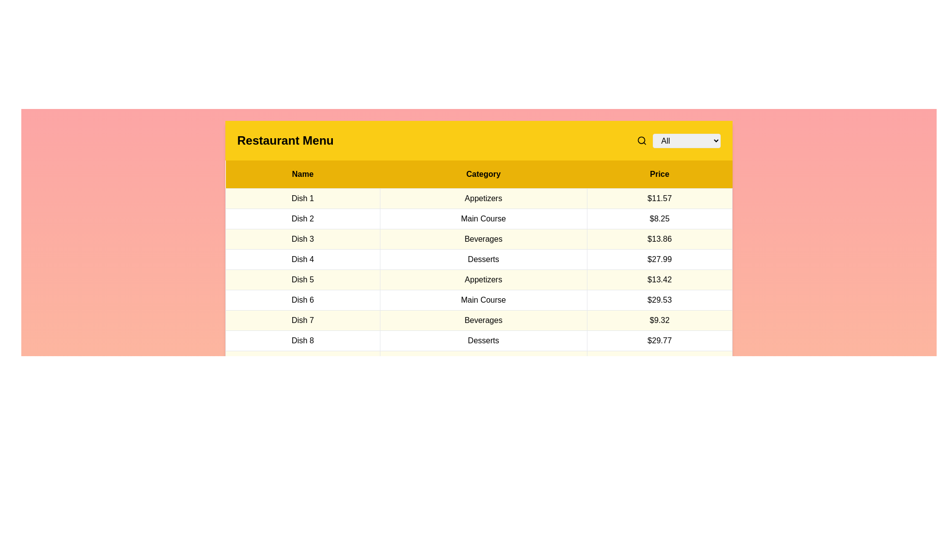  What do you see at coordinates (686, 141) in the screenshot?
I see `the category All in the dropdown menu` at bounding box center [686, 141].